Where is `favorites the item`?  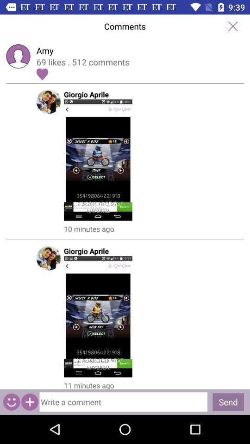
favorites the item is located at coordinates (42, 74).